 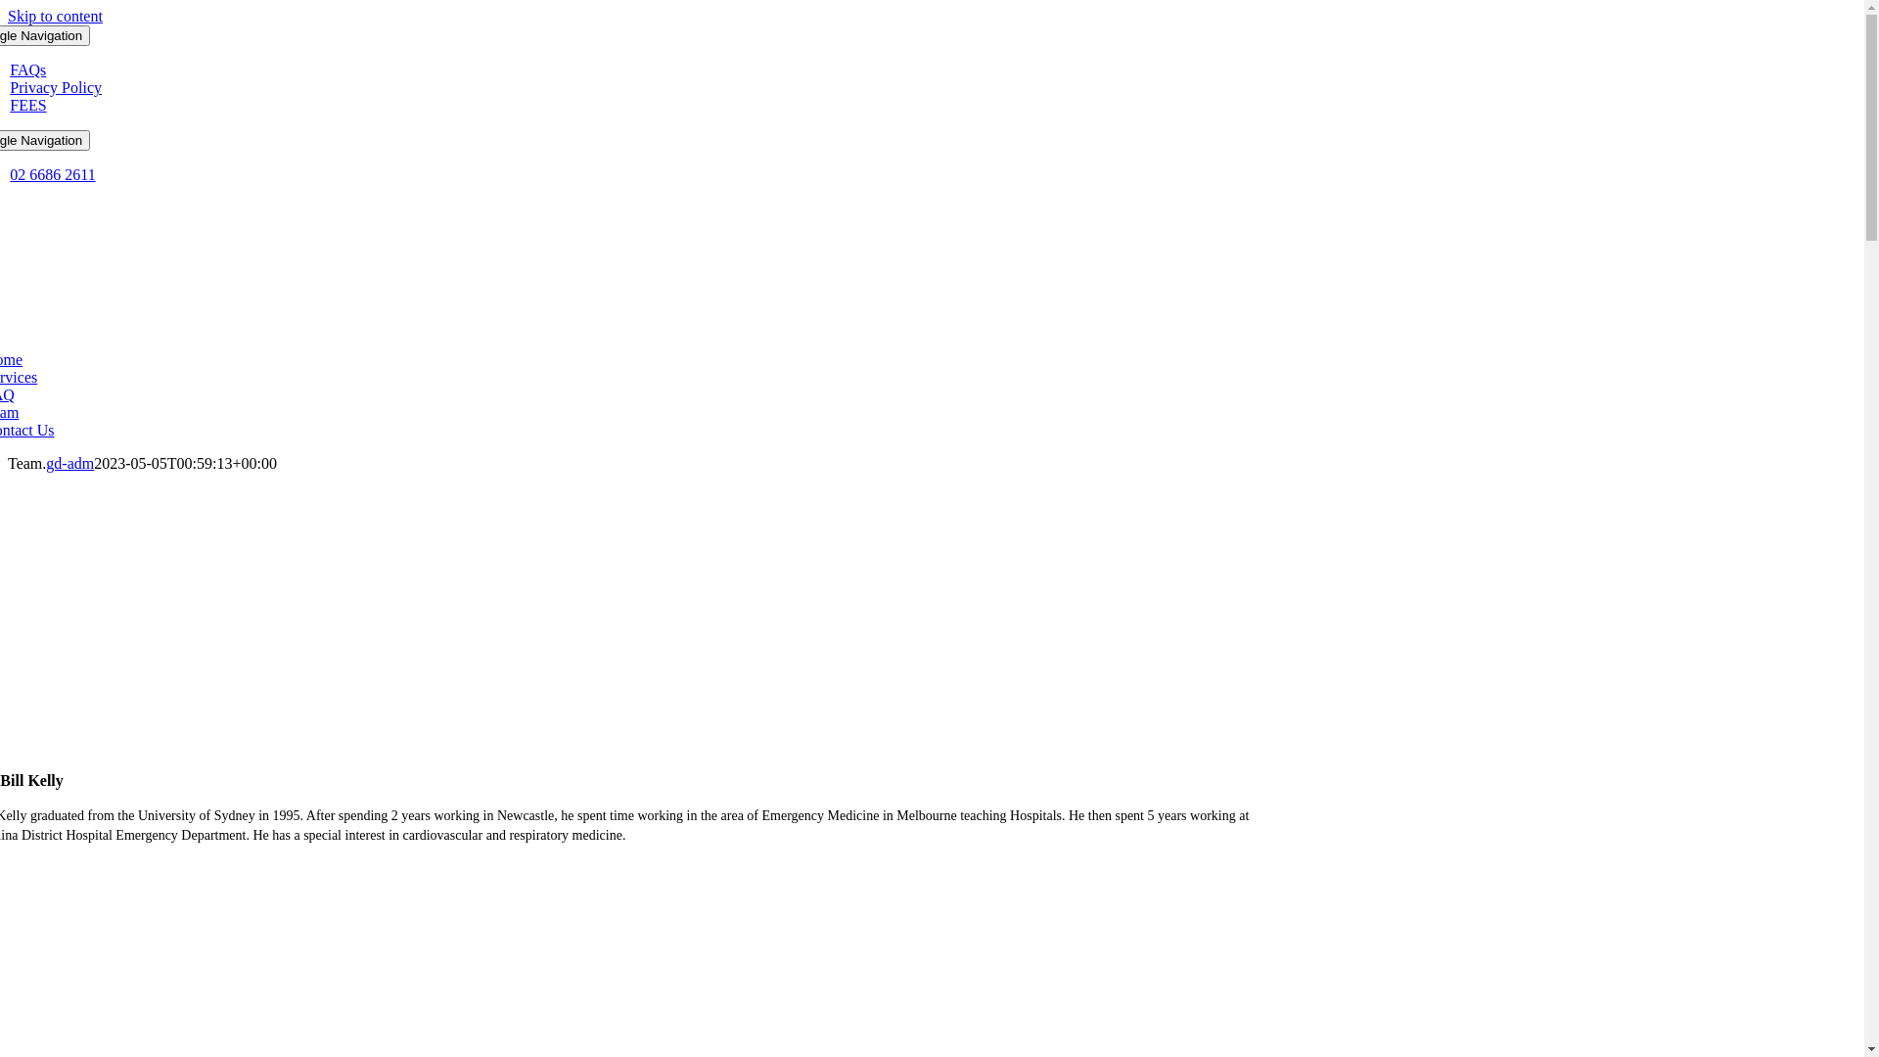 What do you see at coordinates (27, 69) in the screenshot?
I see `'FAQs'` at bounding box center [27, 69].